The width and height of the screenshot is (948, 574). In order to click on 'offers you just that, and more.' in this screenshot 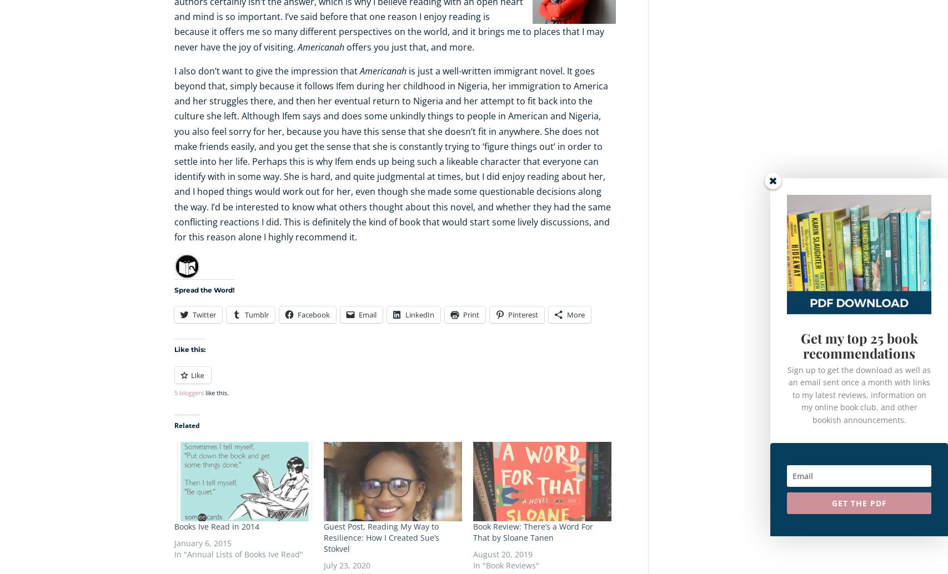, I will do `click(343, 46)`.